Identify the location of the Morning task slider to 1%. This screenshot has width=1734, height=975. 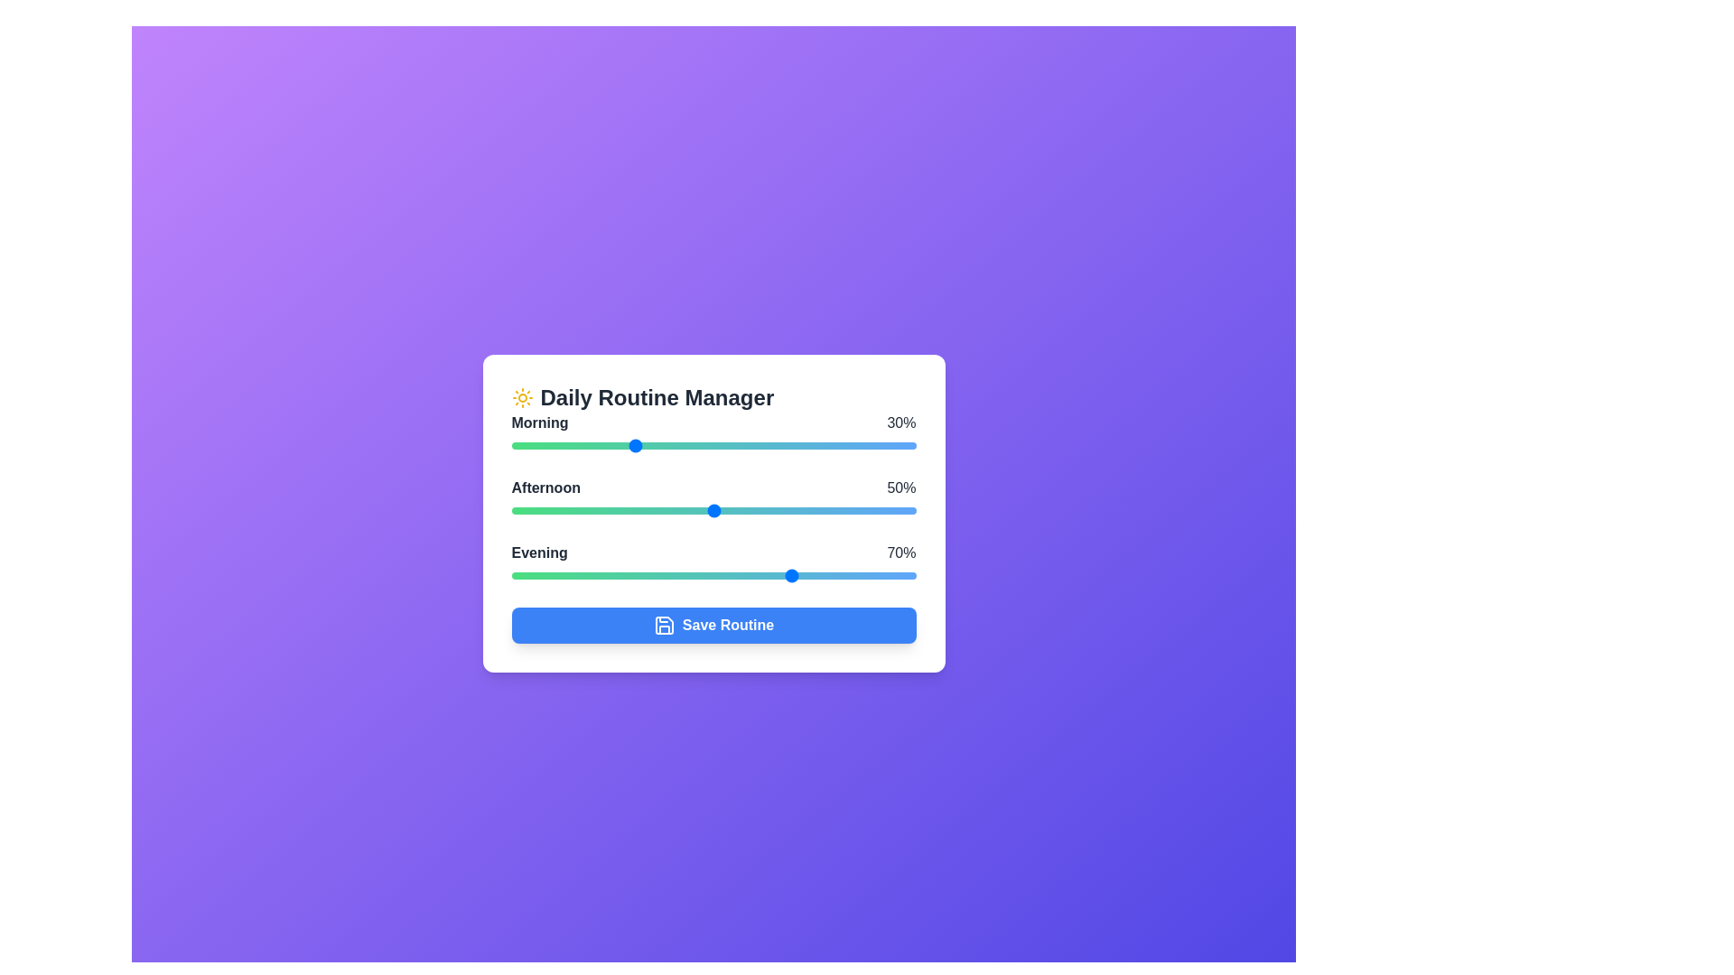
(515, 445).